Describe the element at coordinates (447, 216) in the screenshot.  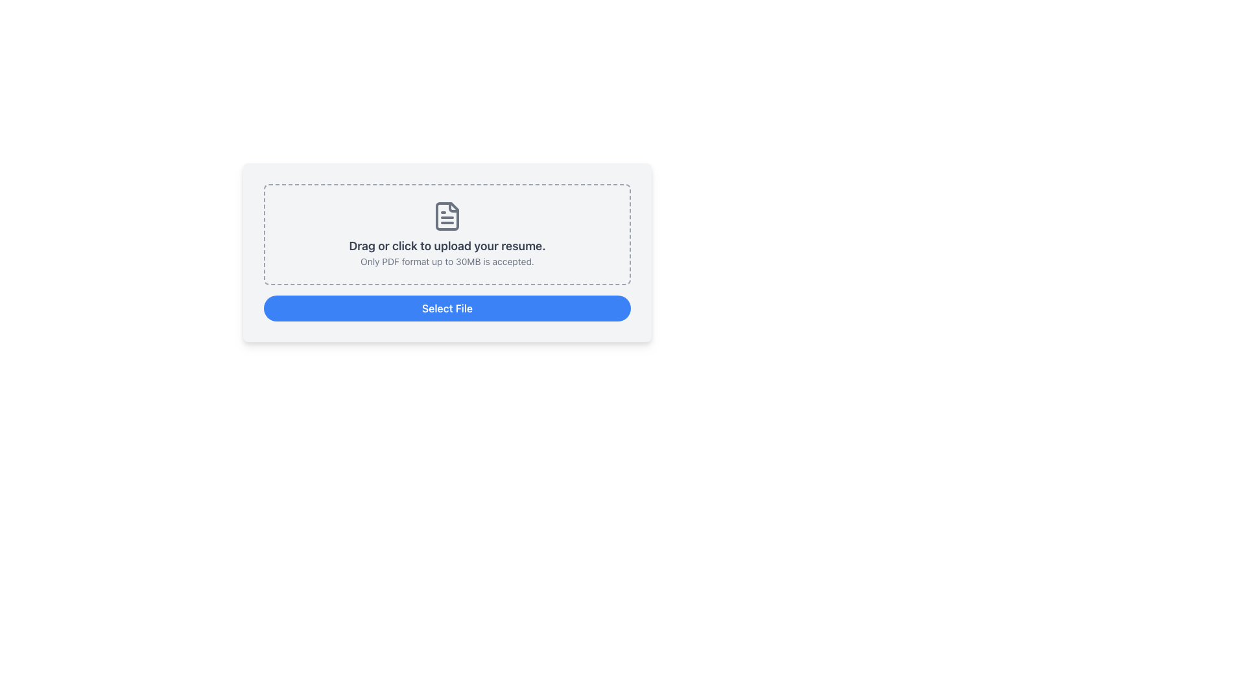
I see `the document icon, which is styled with a gray stroke outline and has lines representing text, located above the 'Drag or click to upload your resume.' text` at that location.